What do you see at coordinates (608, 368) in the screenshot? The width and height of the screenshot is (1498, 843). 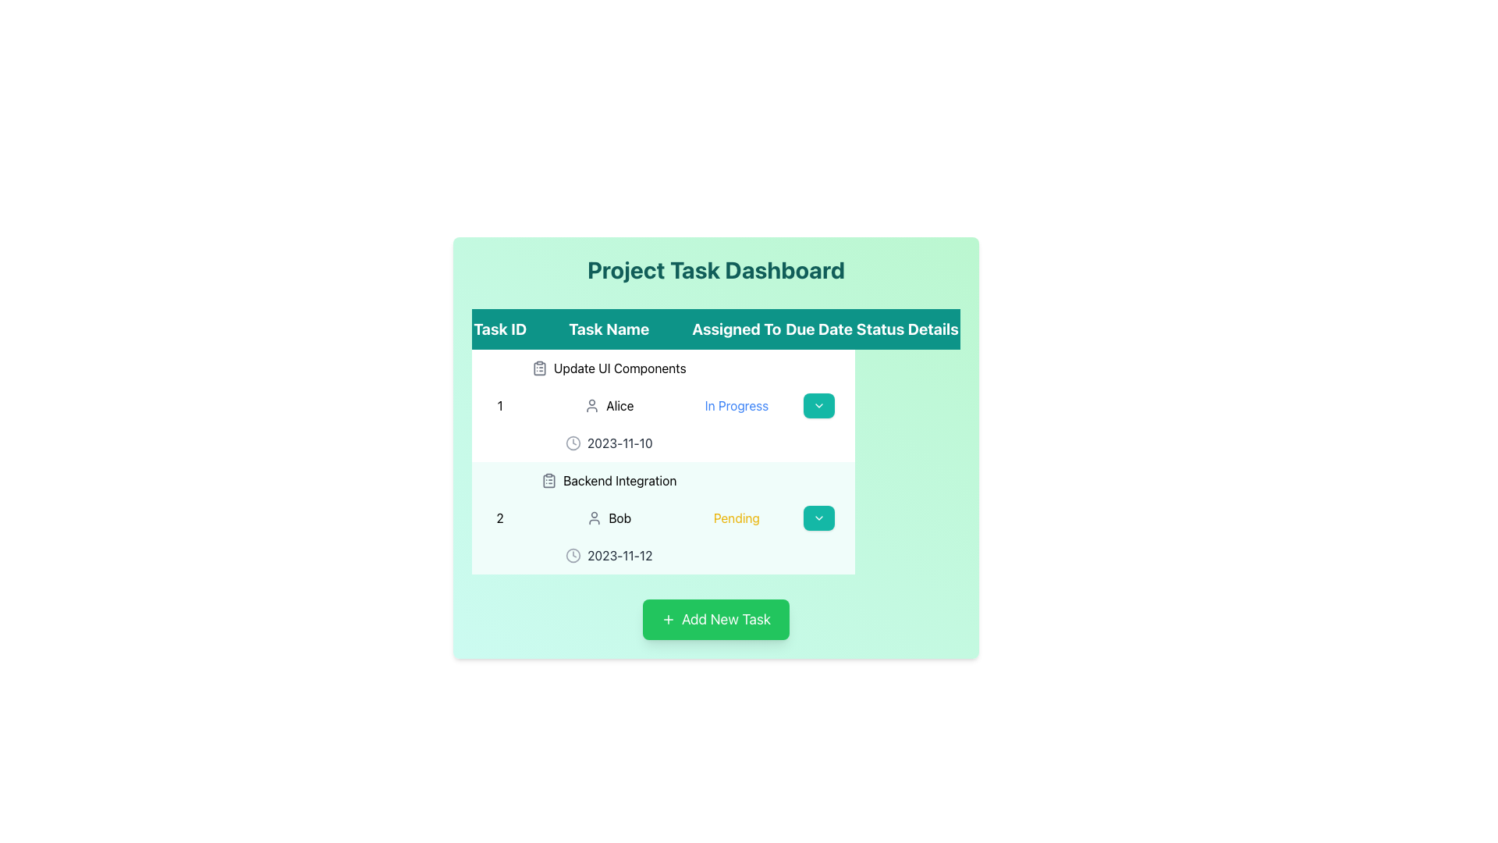 I see `the 'Update UI Components' text label with clipboard icon located in the first row of the table under the 'Task Name' column, aligned with the '1' in the 'Task ID' column and 'Alice' in the 'Assigned To' column` at bounding box center [608, 368].